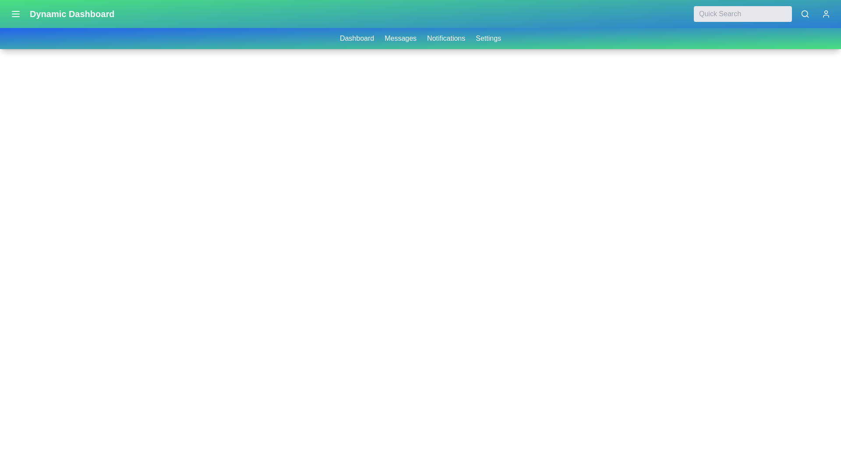 This screenshot has width=841, height=473. I want to click on the user profile icon button located in the upper-right corner of the interface, so click(826, 14).